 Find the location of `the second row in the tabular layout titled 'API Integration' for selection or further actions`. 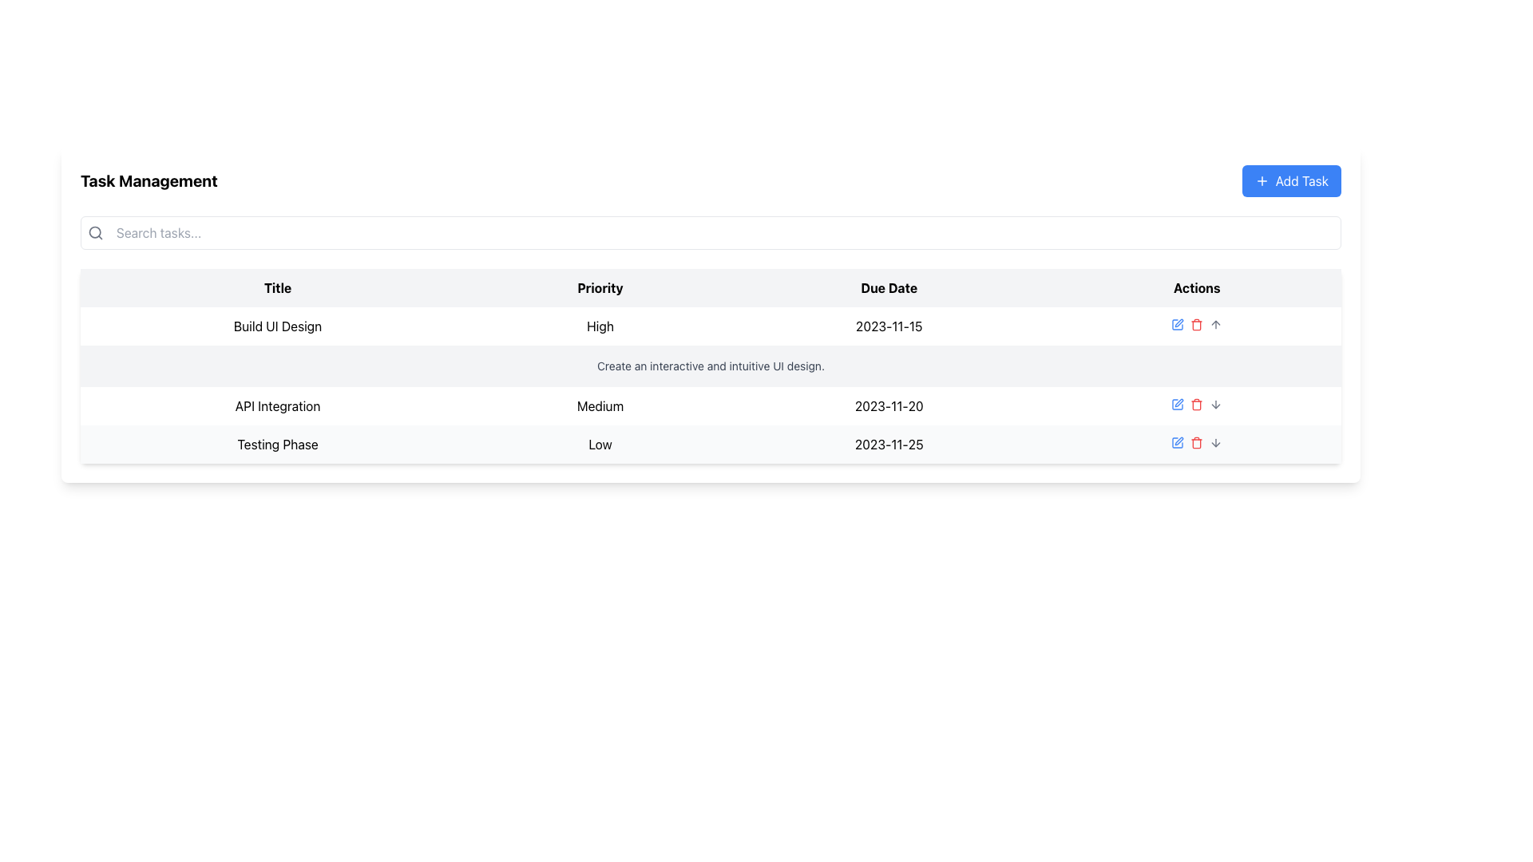

the second row in the tabular layout titled 'API Integration' for selection or further actions is located at coordinates (710, 405).